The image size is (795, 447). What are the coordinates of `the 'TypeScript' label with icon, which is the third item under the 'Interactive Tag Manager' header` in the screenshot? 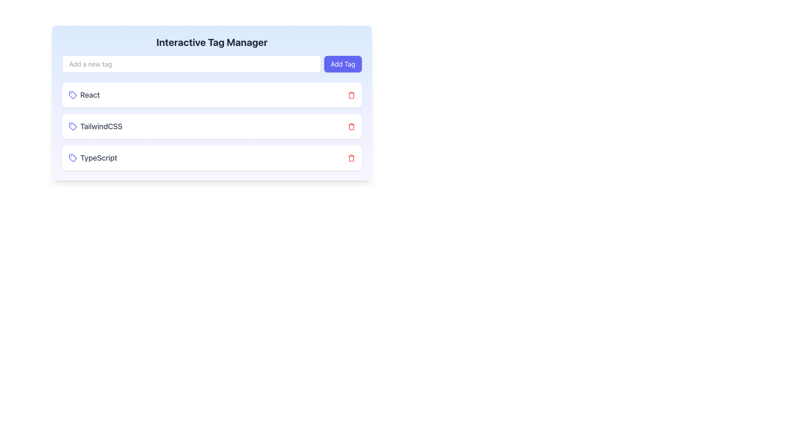 It's located at (93, 158).